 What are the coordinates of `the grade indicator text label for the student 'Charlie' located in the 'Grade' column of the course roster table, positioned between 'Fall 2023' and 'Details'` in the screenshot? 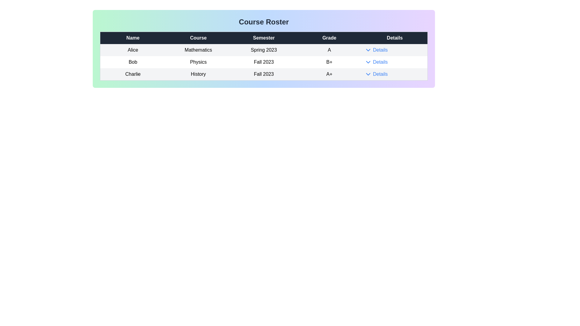 It's located at (329, 74).